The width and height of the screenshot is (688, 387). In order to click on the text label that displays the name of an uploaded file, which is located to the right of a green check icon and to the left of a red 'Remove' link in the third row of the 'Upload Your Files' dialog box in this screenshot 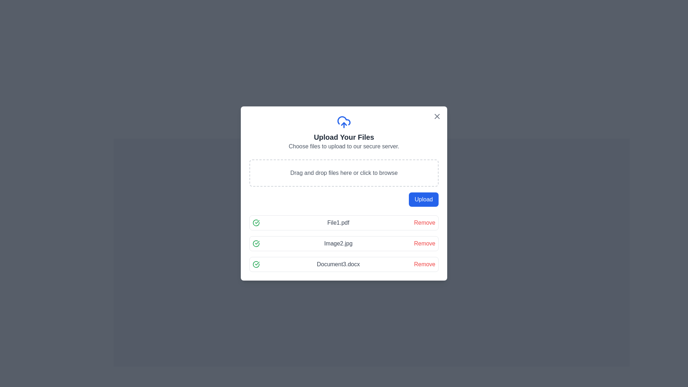, I will do `click(338, 264)`.